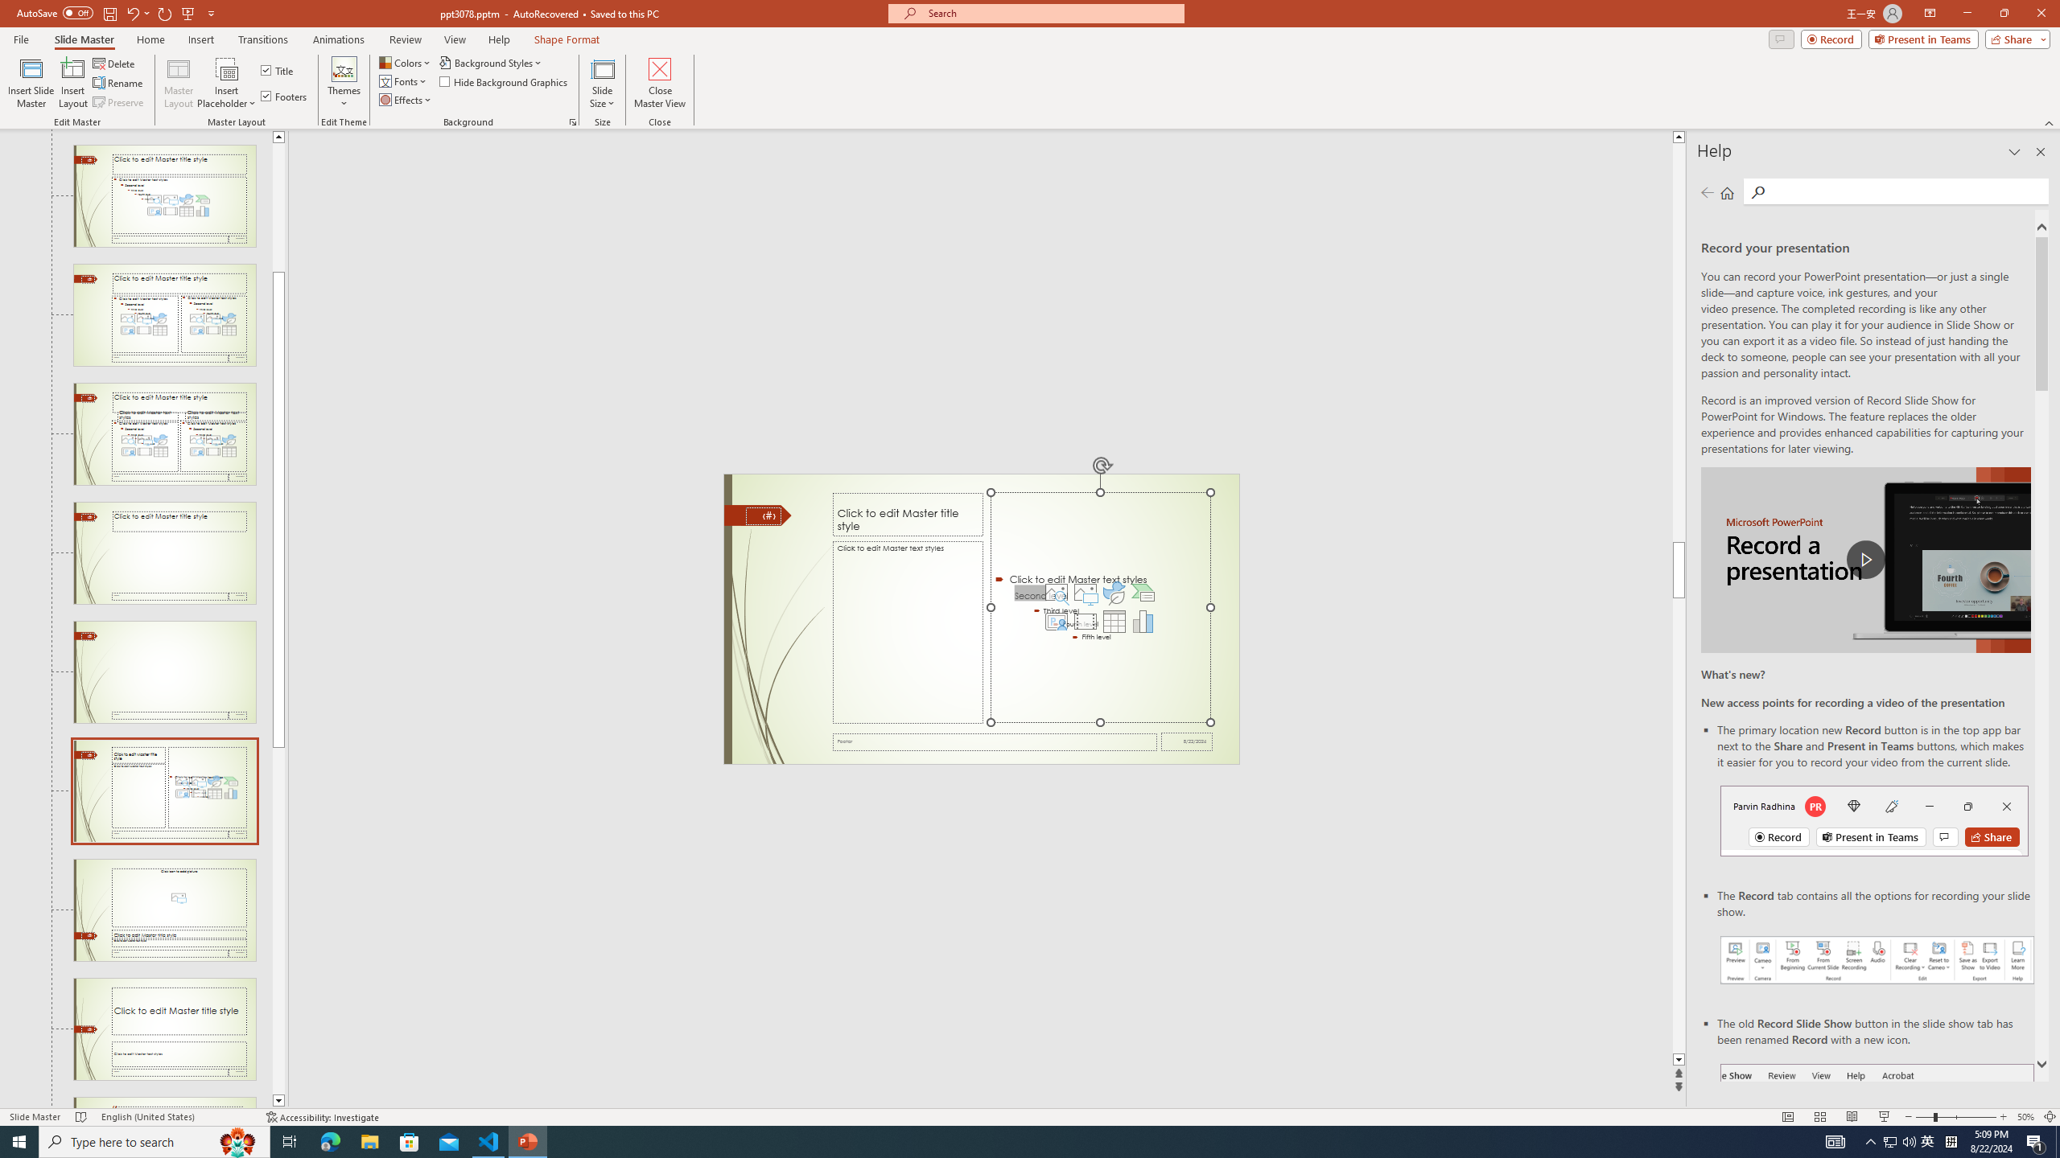 The height and width of the screenshot is (1158, 2060). Describe the element at coordinates (1905, 191) in the screenshot. I see `'Search'` at that location.